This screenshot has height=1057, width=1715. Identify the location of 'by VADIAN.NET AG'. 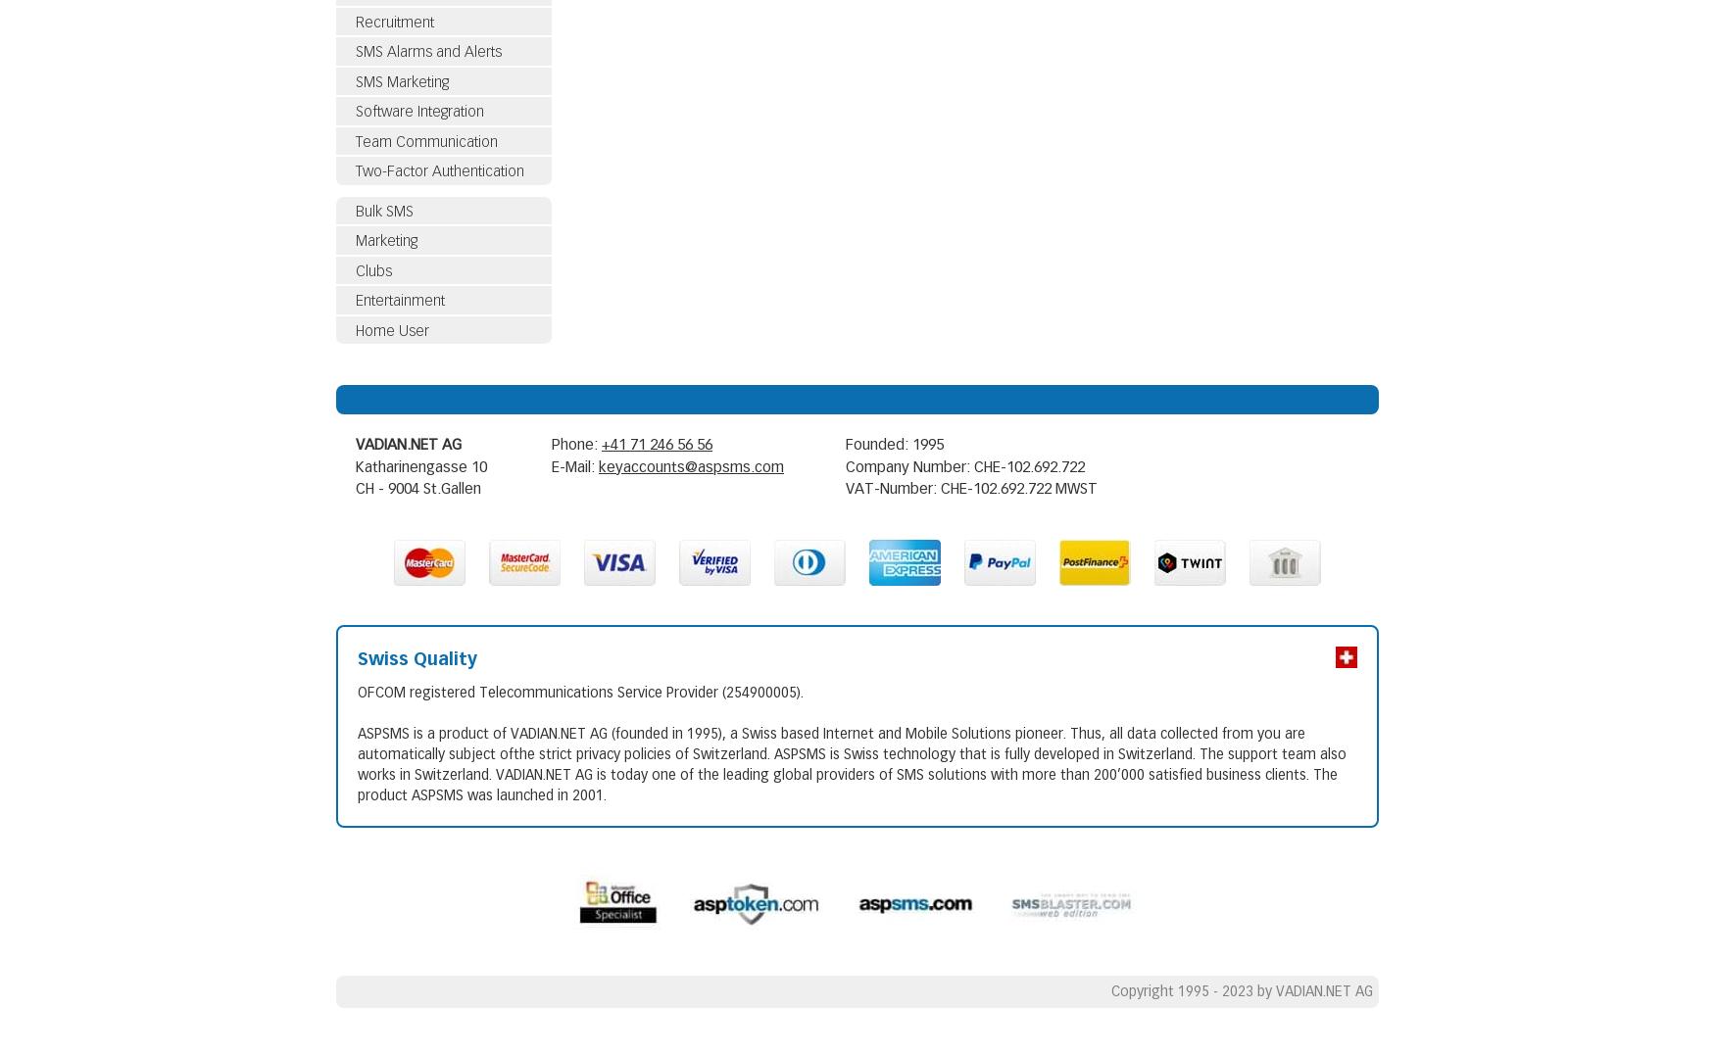
(1315, 990).